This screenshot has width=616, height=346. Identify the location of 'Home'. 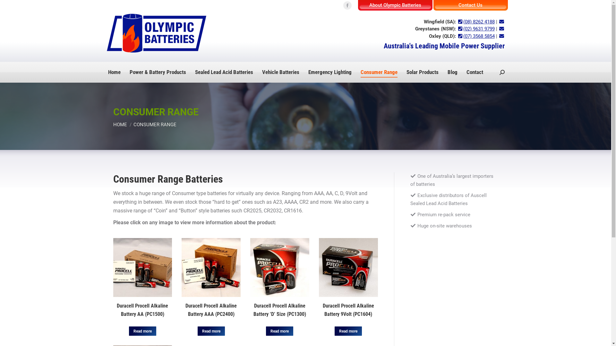
(106, 72).